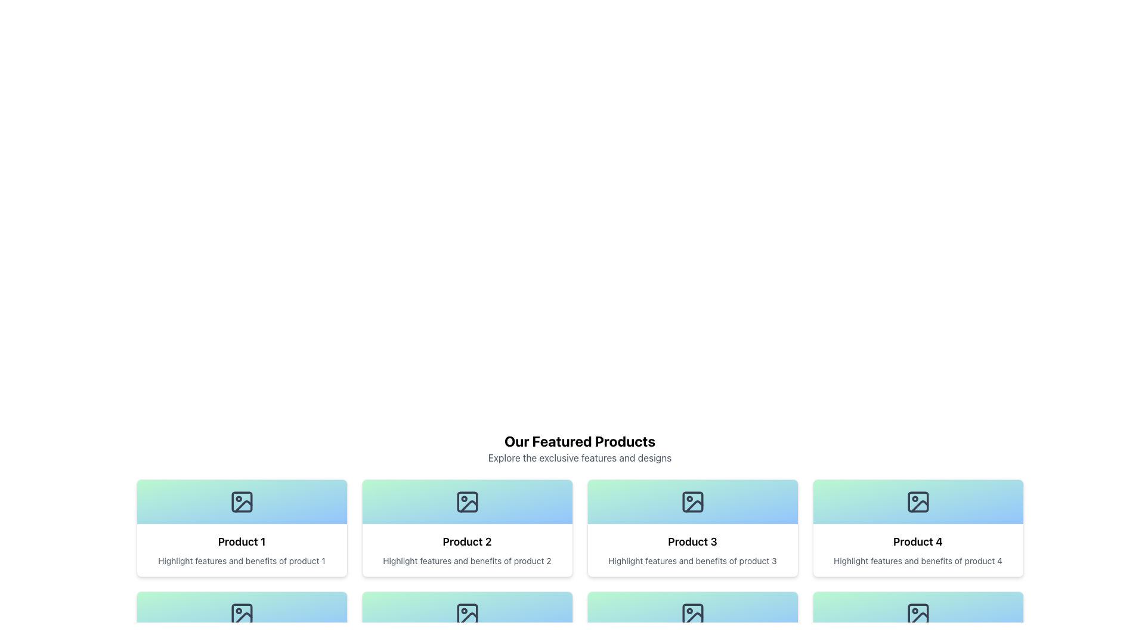 Image resolution: width=1145 pixels, height=644 pixels. Describe the element at coordinates (917, 614) in the screenshot. I see `the vector graphic subcomponent of the SVG element located in the bottom-right corner of the 'Product 4' card` at that location.